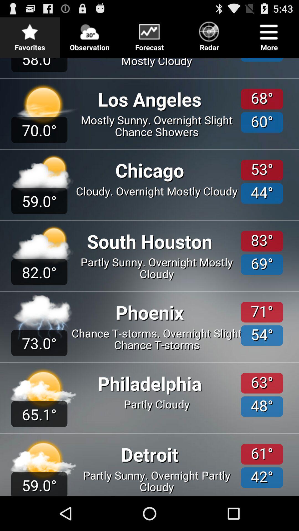 Image resolution: width=299 pixels, height=531 pixels. Describe the element at coordinates (149, 34) in the screenshot. I see `item next to radar icon` at that location.